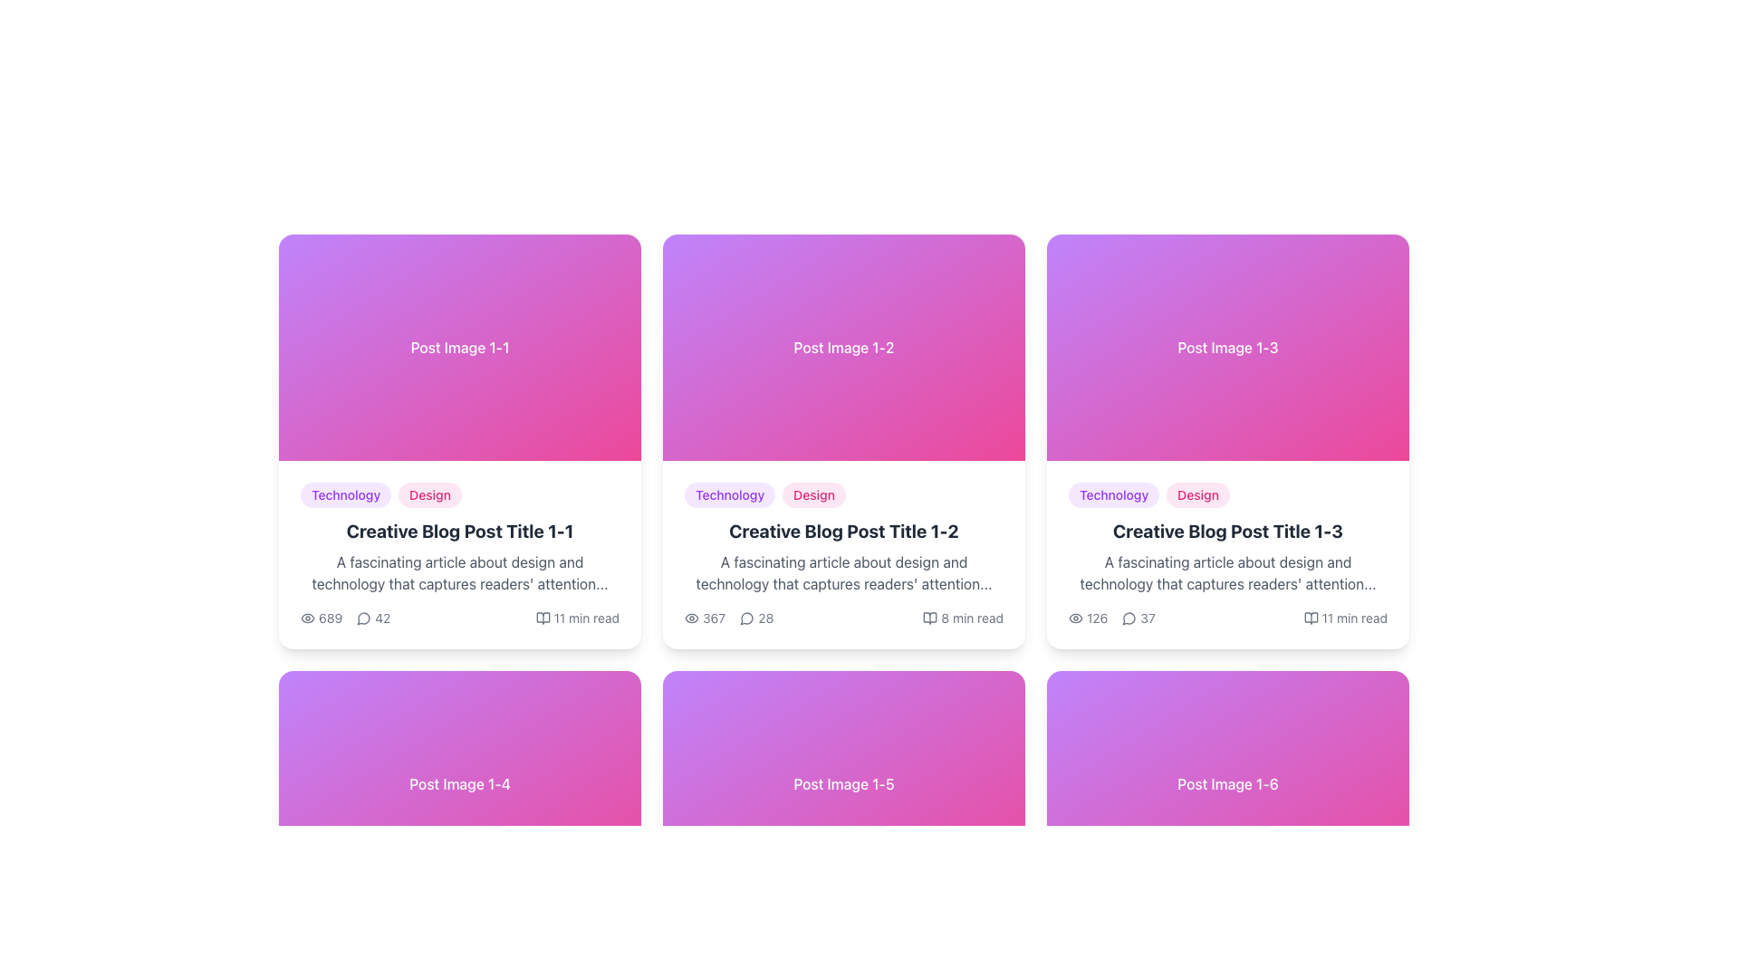  Describe the element at coordinates (1228, 530) in the screenshot. I see `the static text element displaying 'Creative Blog Post Title 1-3' which is styled prominently in dark gray and changes to purple on hover` at that location.